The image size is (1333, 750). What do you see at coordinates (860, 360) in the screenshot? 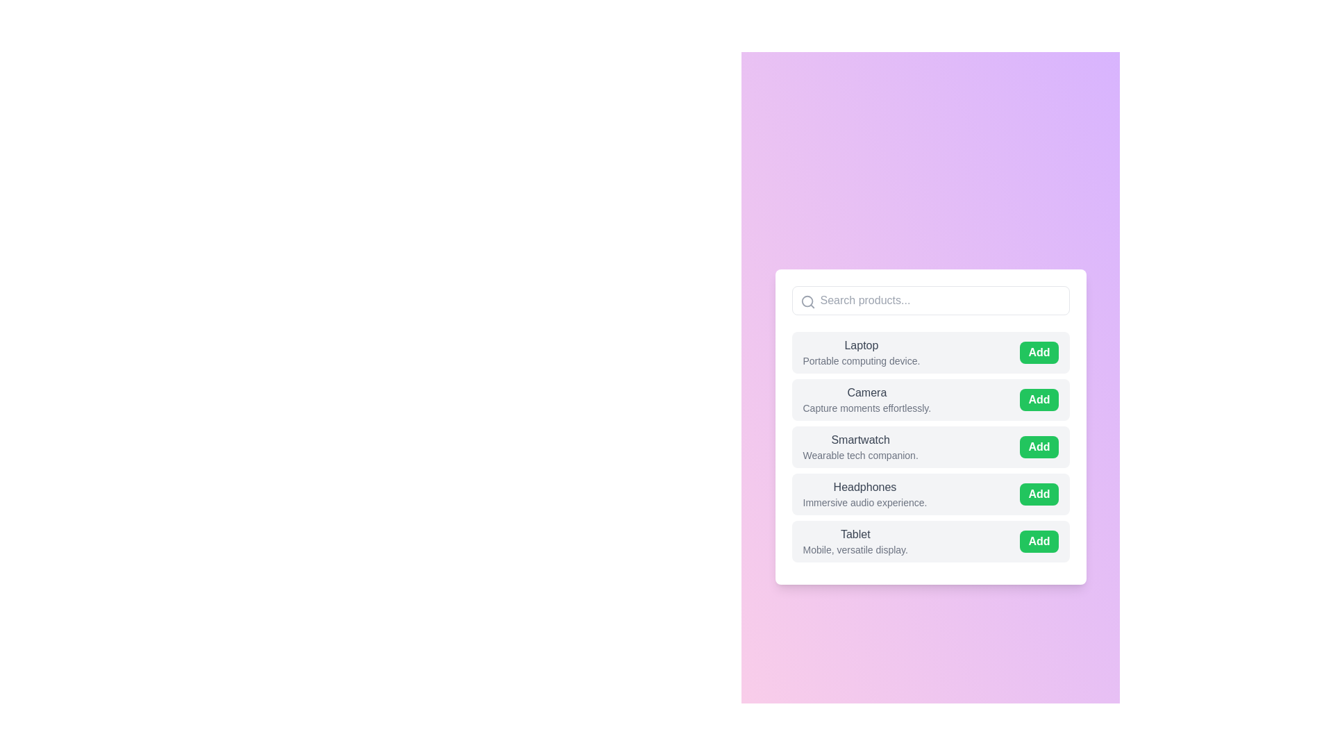
I see `the descriptive text label 'Portable computing device.' located directly below the title 'Laptop' in the product categories list` at bounding box center [860, 360].